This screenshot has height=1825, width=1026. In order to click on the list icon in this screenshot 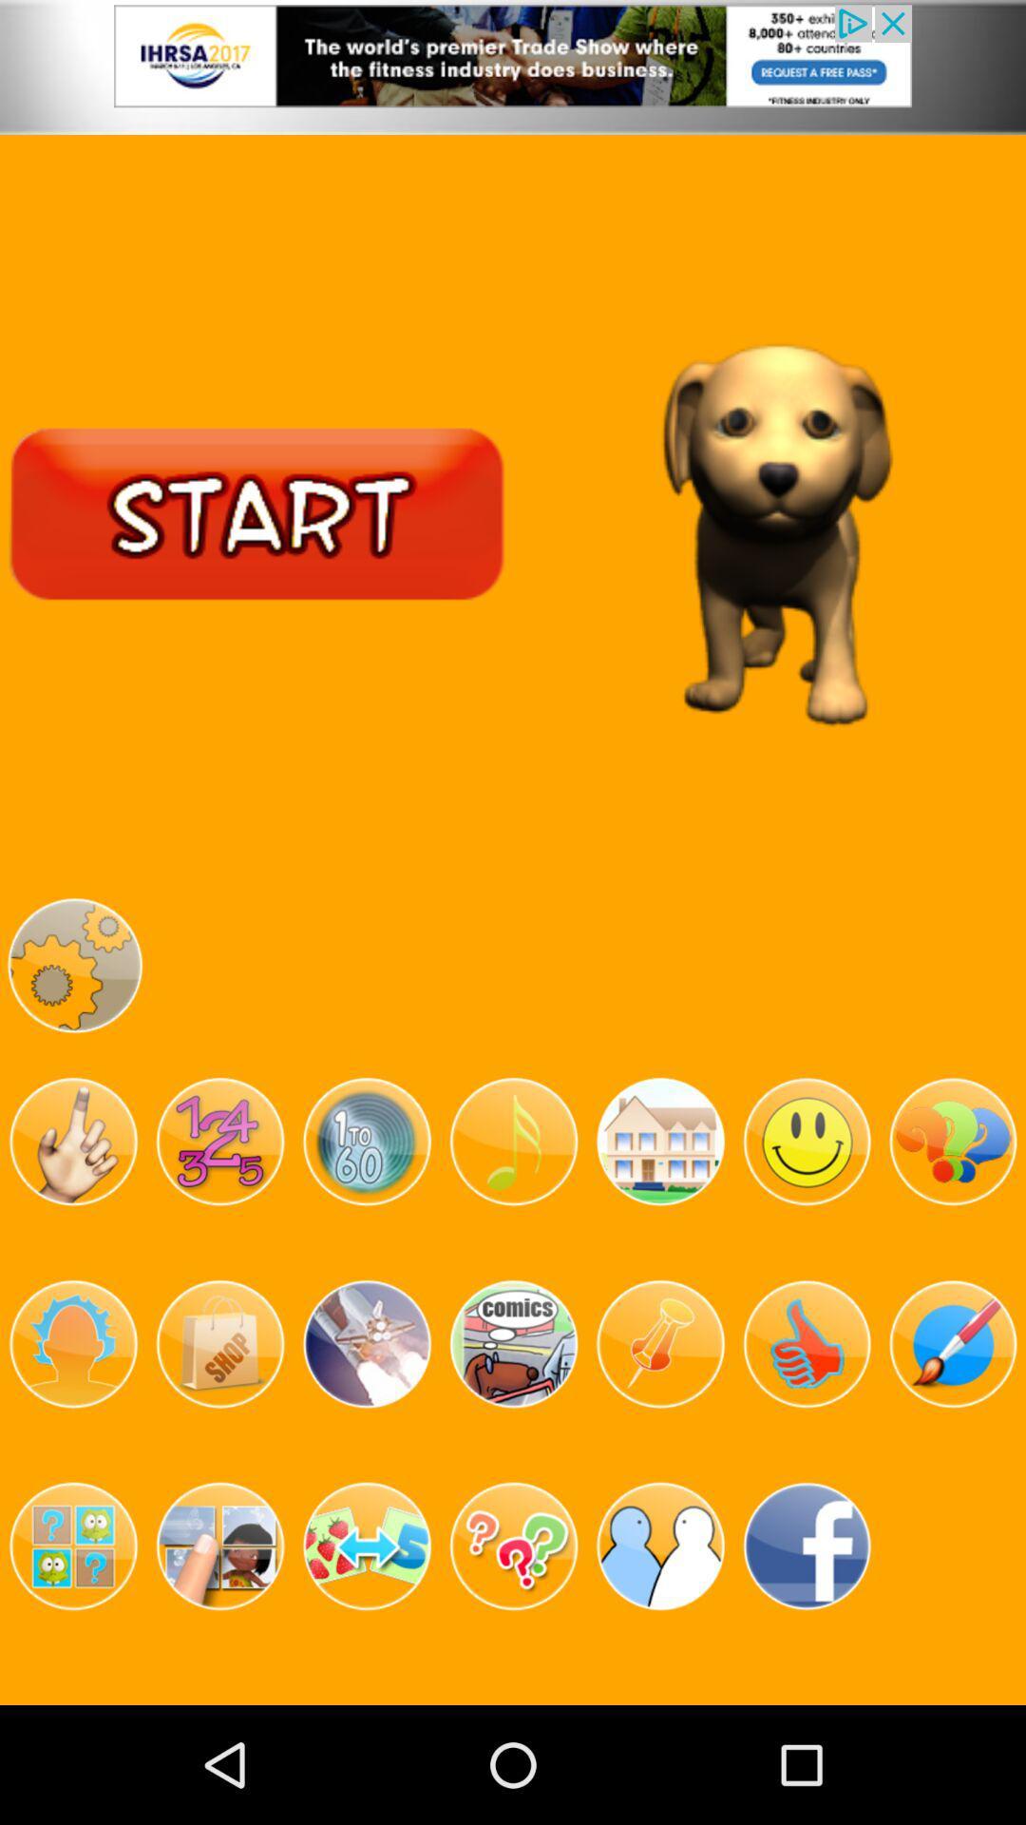, I will do `click(513, 1438)`.